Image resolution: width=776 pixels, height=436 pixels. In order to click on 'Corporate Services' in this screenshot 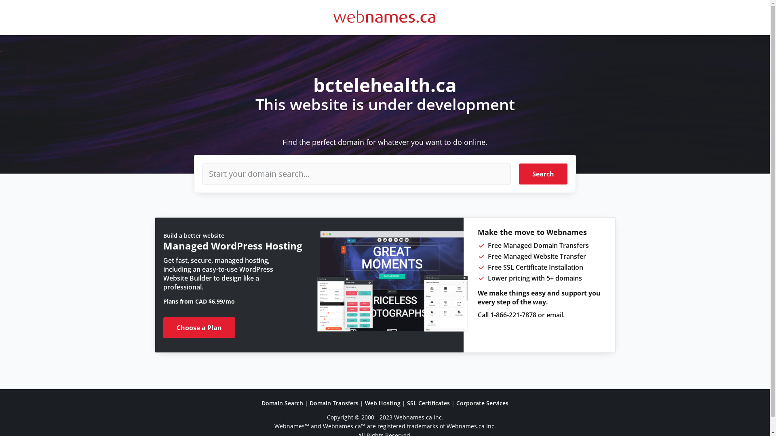, I will do `click(482, 403)`.